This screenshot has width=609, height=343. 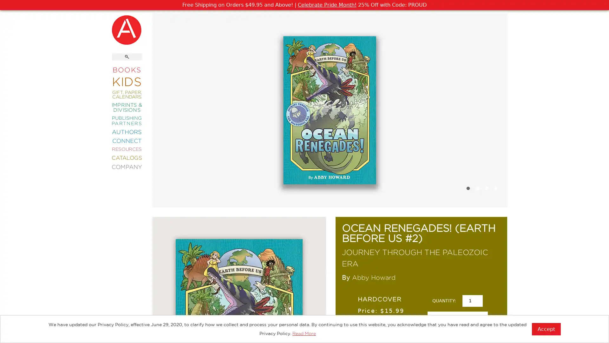 I want to click on AUTHORS, so click(x=127, y=131).